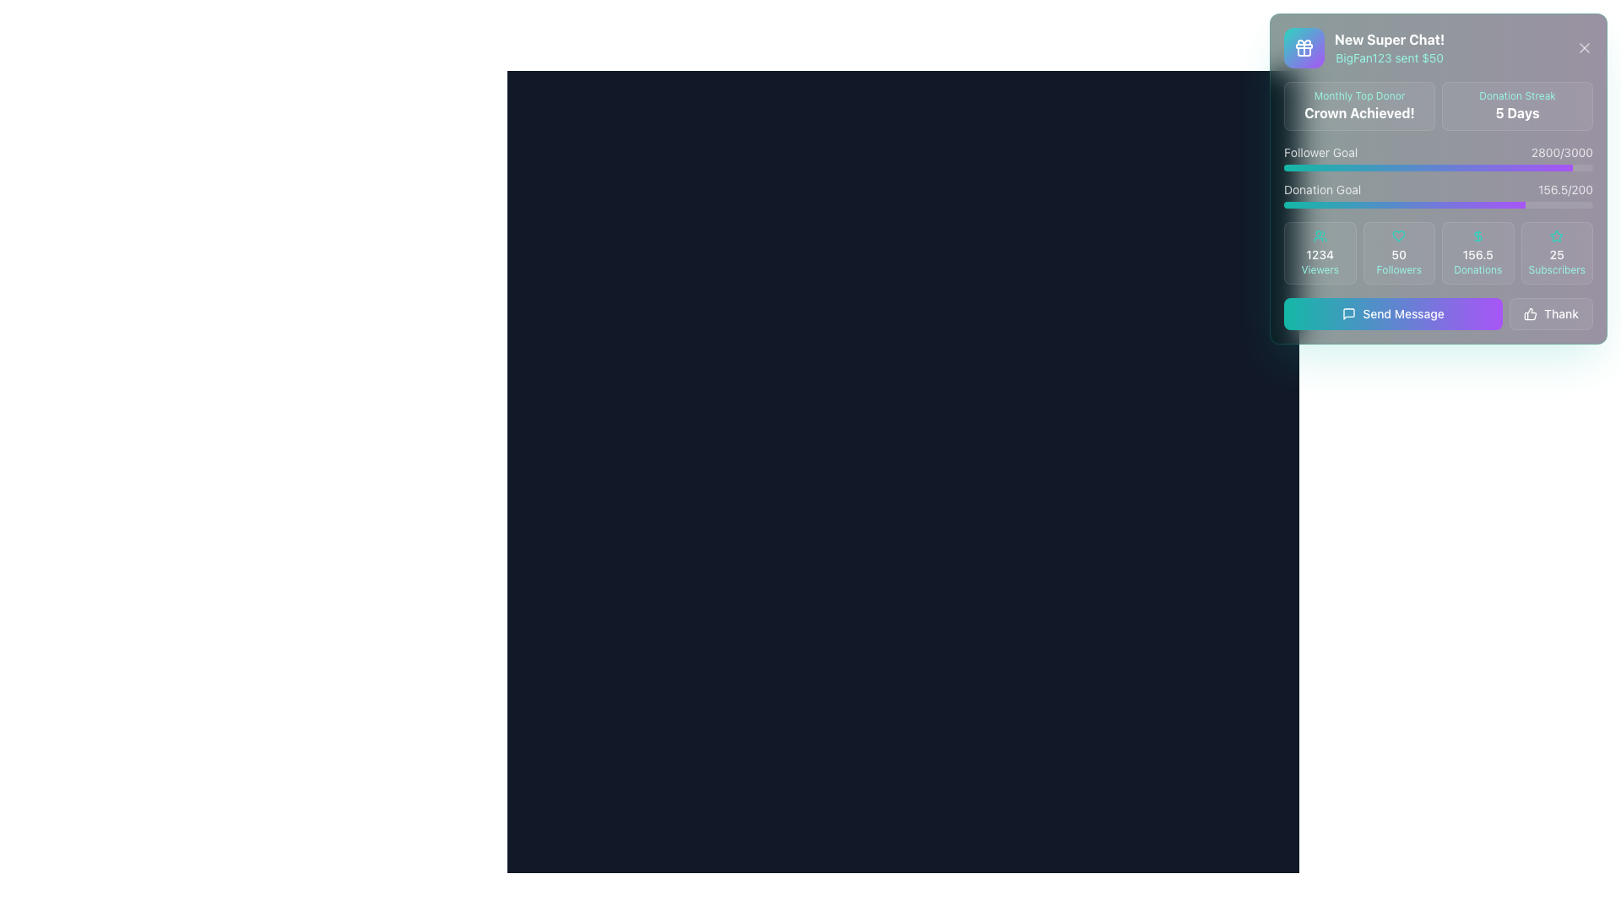 This screenshot has height=912, width=1621. What do you see at coordinates (1393, 313) in the screenshot?
I see `the message-sending button, which is the first interactive element on the far left of its group, adjacent to the 'Thank' button` at bounding box center [1393, 313].